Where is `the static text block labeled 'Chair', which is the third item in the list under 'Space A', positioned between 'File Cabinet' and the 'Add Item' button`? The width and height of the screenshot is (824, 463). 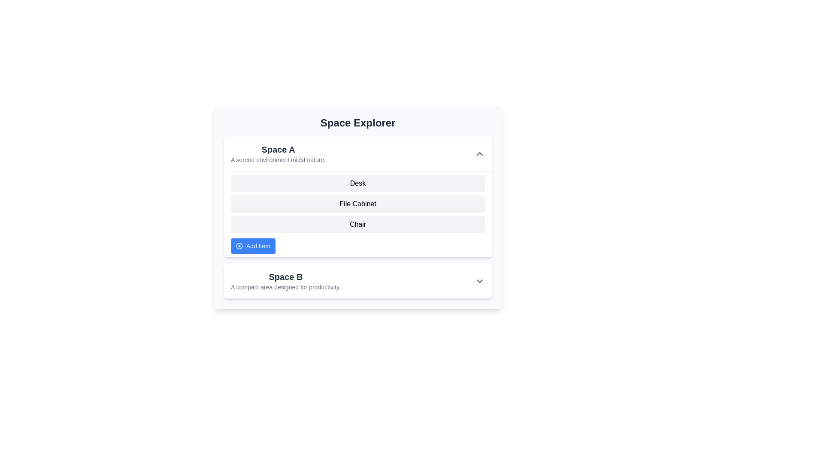
the static text block labeled 'Chair', which is the third item in the list under 'Space A', positioned between 'File Cabinet' and the 'Add Item' button is located at coordinates (358, 224).